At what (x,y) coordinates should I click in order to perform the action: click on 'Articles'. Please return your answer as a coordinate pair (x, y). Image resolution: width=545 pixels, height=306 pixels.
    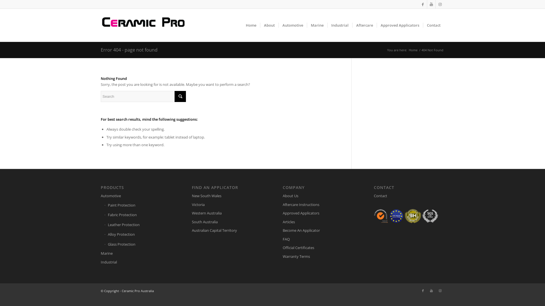
    Looking at the image, I should click on (317, 222).